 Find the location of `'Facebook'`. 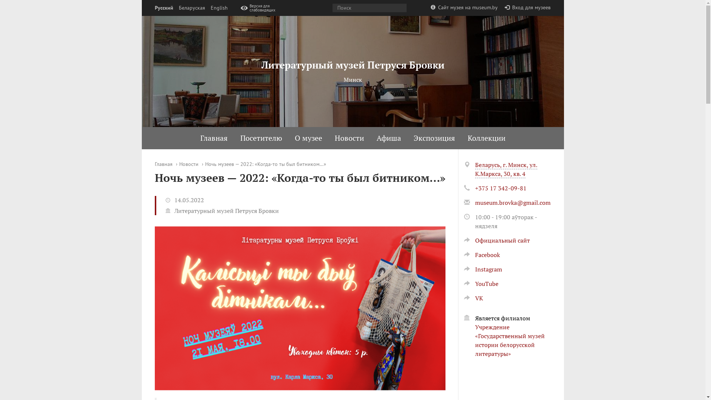

'Facebook' is located at coordinates (463, 254).